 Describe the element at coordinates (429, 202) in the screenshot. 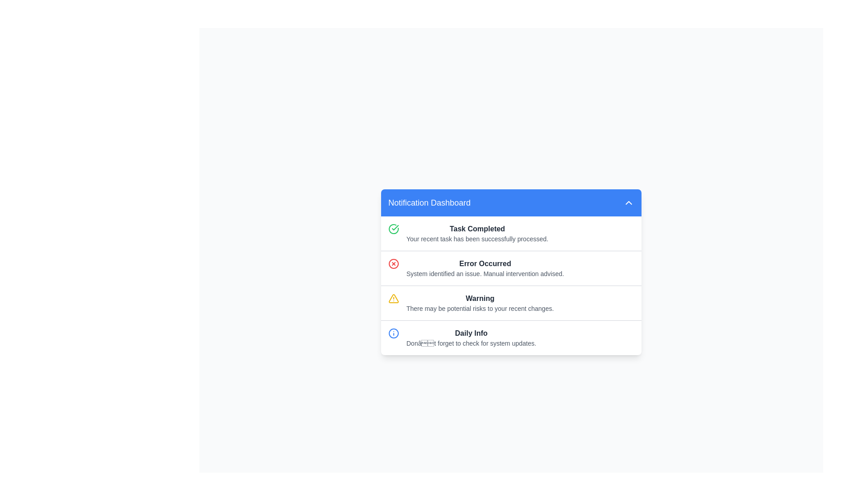

I see `the Text Label located at the top-left side of the blue banner header, which describes the context of the notification dashboard` at that location.